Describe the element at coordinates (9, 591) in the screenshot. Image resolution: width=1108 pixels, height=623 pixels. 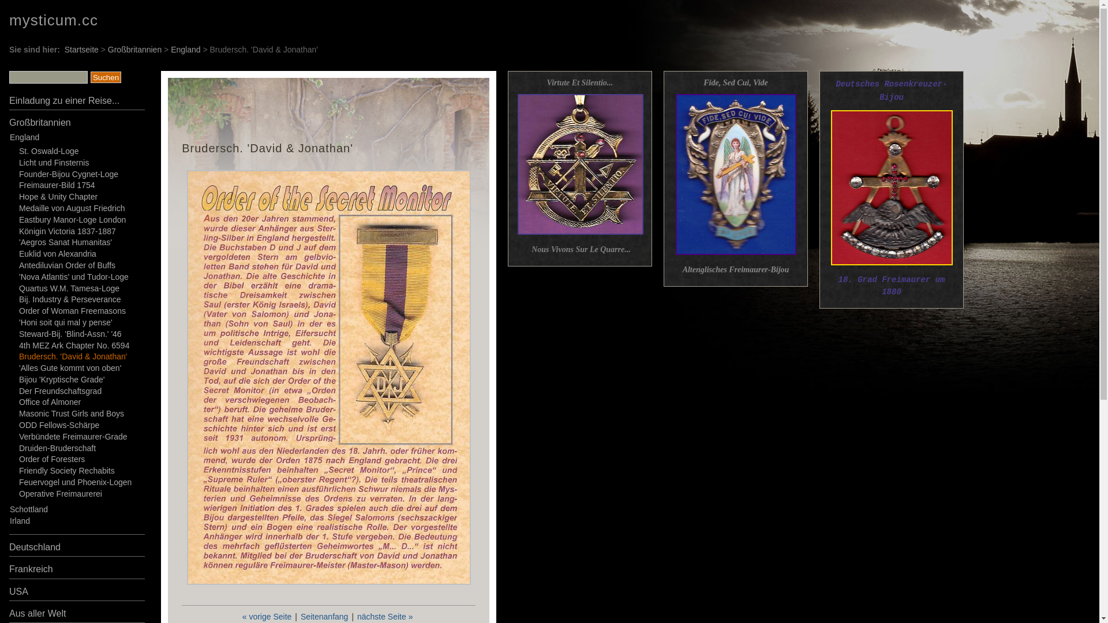
I see `'USA'` at that location.